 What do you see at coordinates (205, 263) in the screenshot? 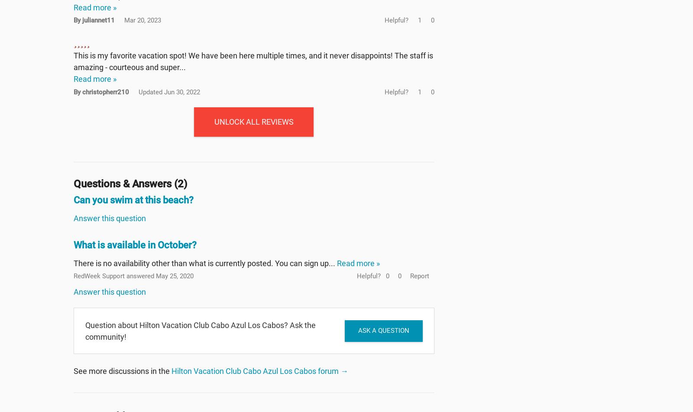
I see `'There is no availability other than what is currently posted. You can sign up...'` at bounding box center [205, 263].